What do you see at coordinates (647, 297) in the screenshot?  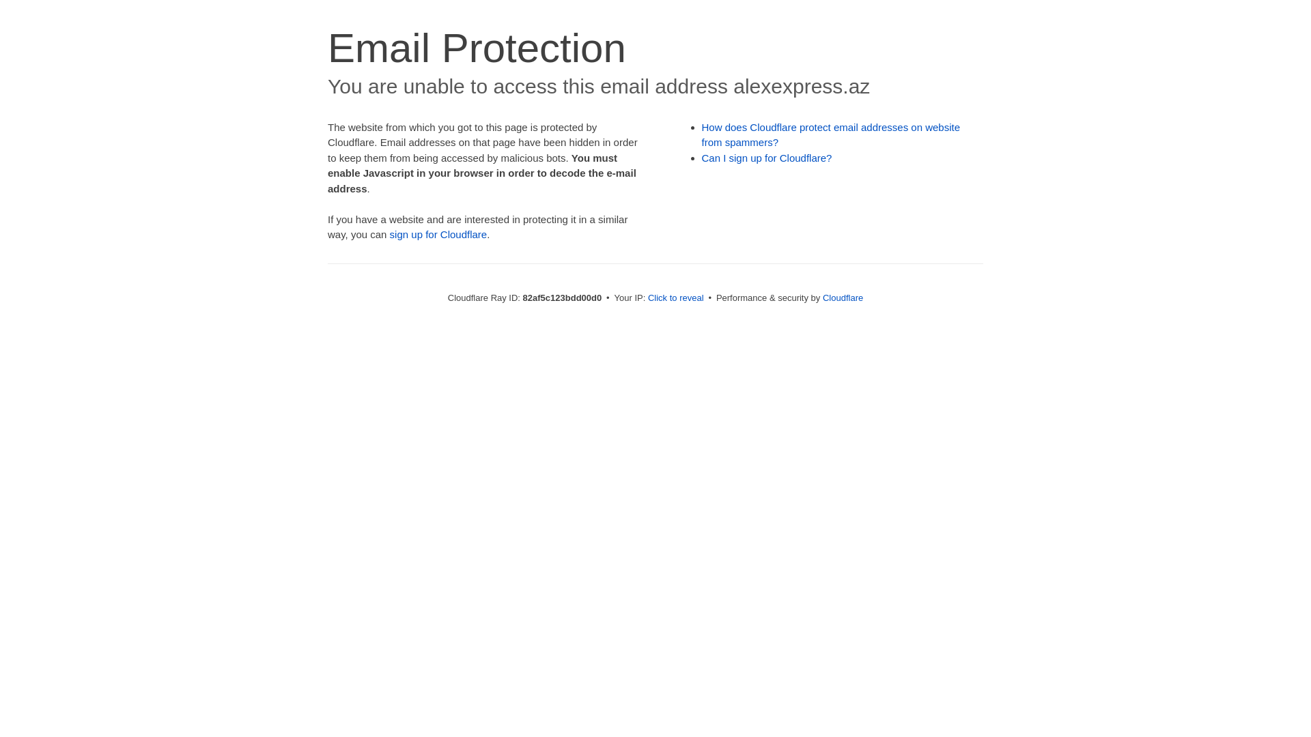 I see `'Click to reveal'` at bounding box center [647, 297].